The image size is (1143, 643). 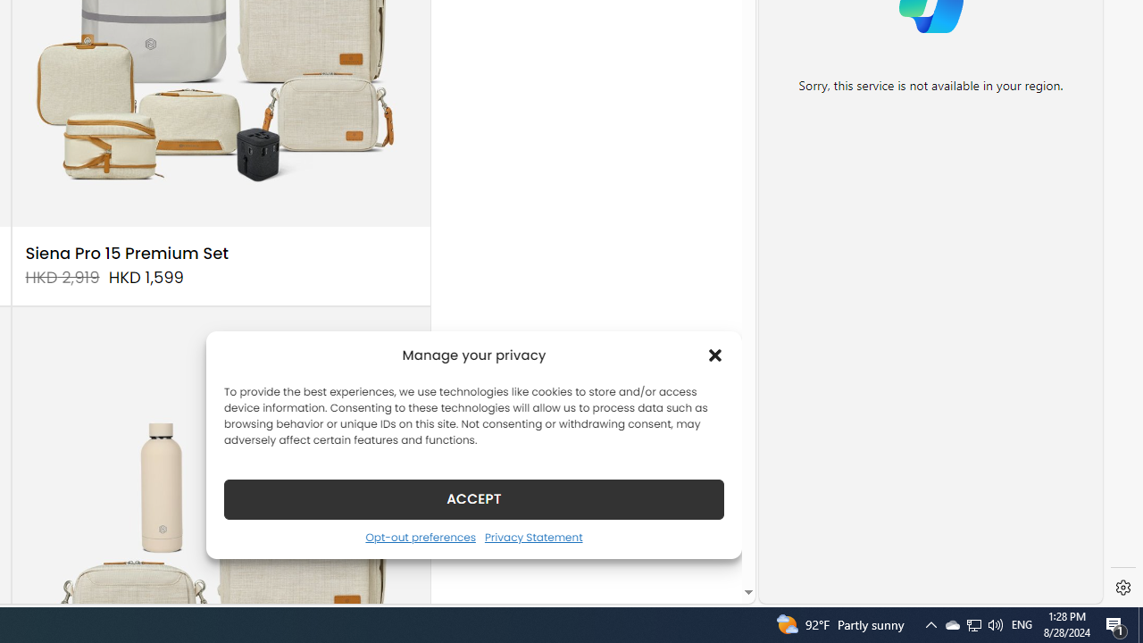 I want to click on 'ACCEPT', so click(x=474, y=498).